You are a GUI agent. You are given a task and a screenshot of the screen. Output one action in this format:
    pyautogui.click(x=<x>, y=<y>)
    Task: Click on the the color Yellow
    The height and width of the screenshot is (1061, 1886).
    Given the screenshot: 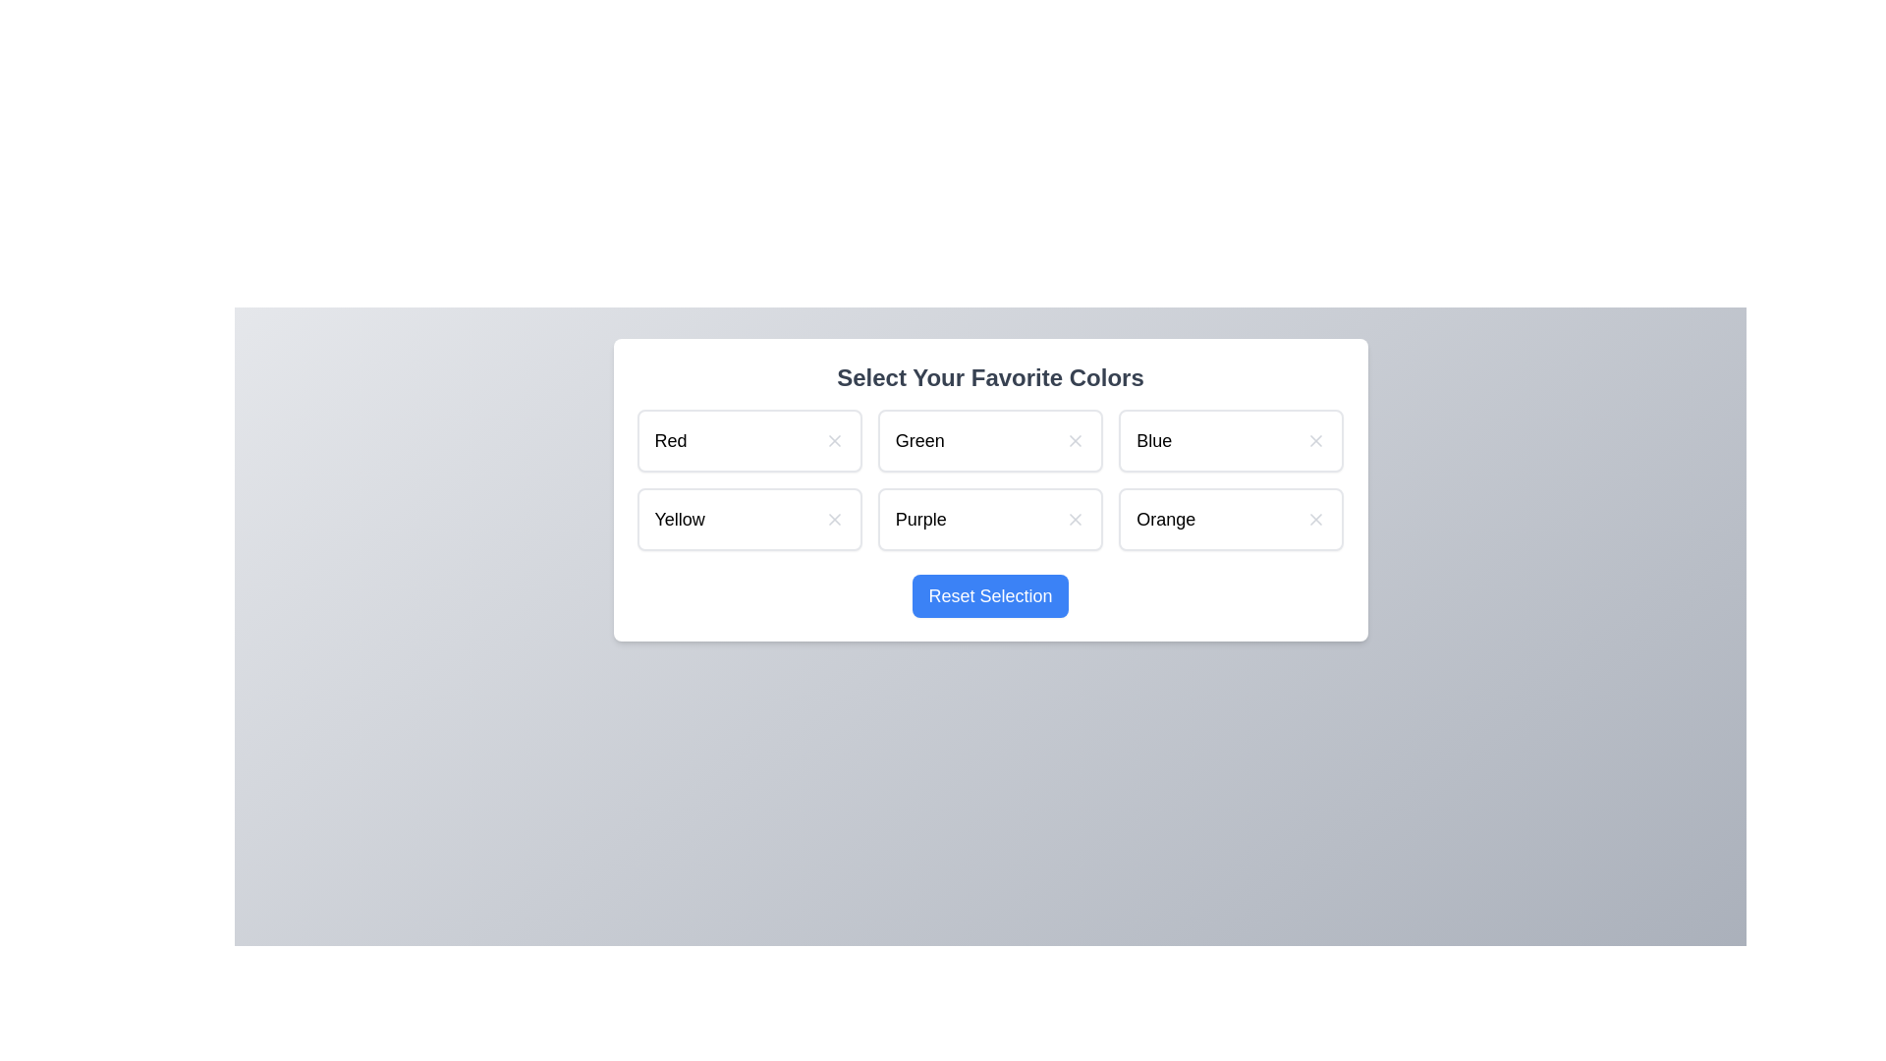 What is the action you would take?
    pyautogui.click(x=749, y=518)
    